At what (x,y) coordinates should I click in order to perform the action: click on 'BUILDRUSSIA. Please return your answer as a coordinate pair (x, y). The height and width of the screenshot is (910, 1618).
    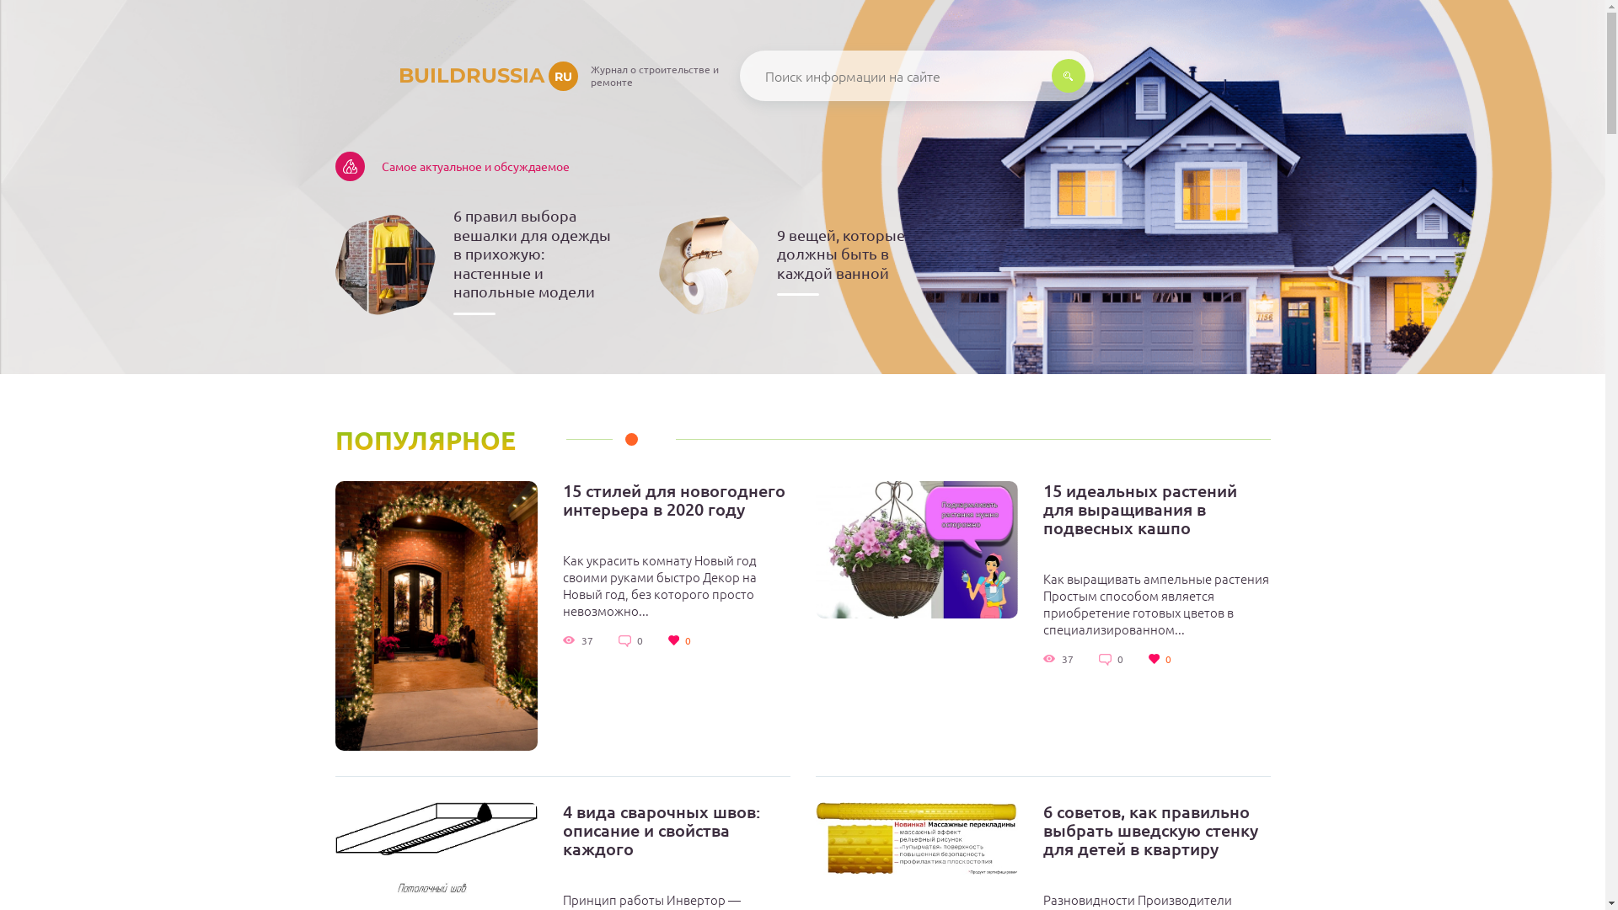
    Looking at the image, I should click on (457, 74).